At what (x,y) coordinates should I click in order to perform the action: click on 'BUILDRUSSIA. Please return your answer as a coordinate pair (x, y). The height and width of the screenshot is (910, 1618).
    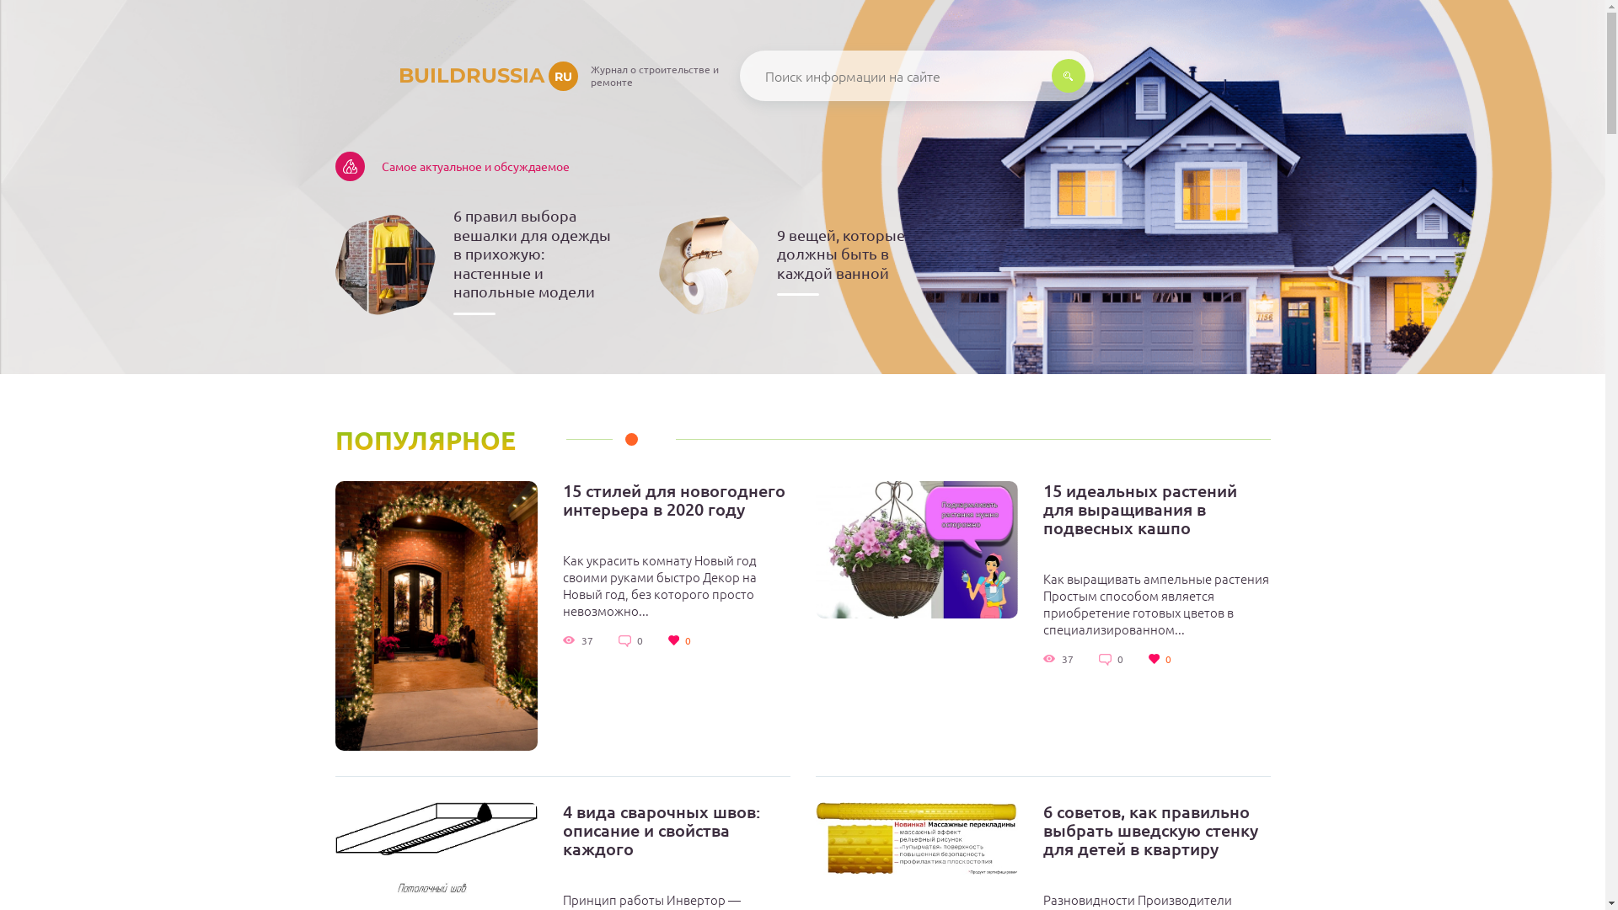
    Looking at the image, I should click on (457, 74).